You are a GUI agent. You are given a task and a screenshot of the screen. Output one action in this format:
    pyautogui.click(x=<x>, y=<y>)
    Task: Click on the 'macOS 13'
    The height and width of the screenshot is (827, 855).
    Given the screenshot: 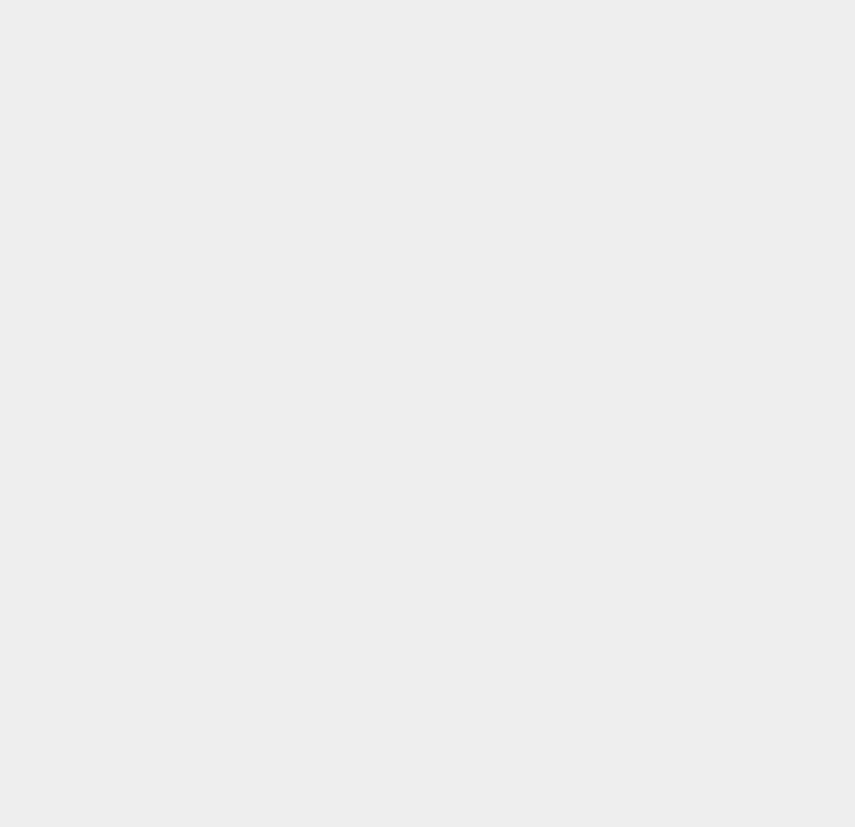 What is the action you would take?
    pyautogui.click(x=630, y=721)
    